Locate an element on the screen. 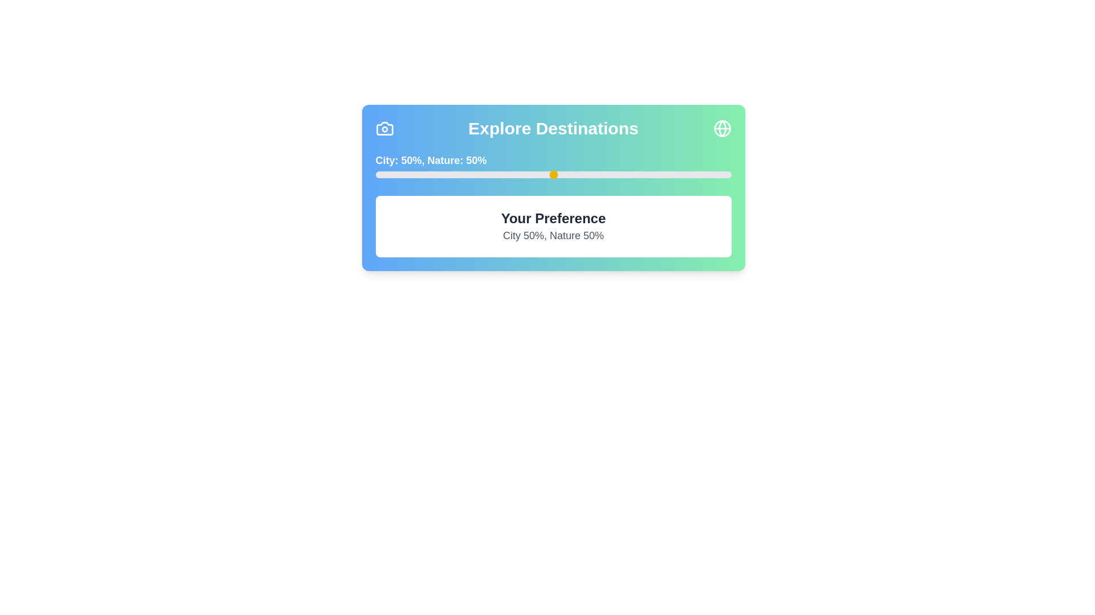 The width and height of the screenshot is (1095, 615). the slider to set the Nature preference to 82% is located at coordinates (667, 175).